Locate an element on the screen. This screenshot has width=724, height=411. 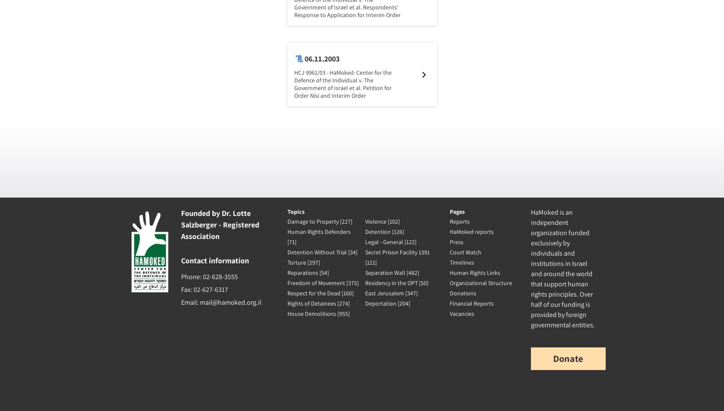
'06.11.2003' is located at coordinates (321, 58).